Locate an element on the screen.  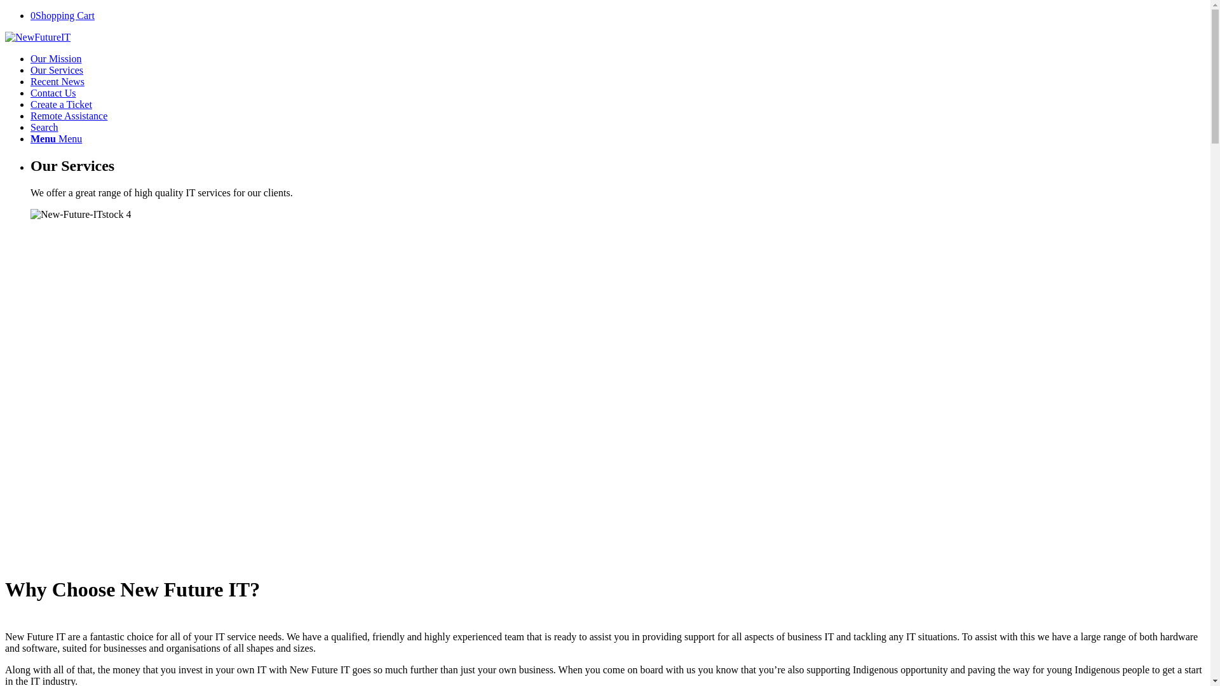
'Remote Assistance' is located at coordinates (30, 116).